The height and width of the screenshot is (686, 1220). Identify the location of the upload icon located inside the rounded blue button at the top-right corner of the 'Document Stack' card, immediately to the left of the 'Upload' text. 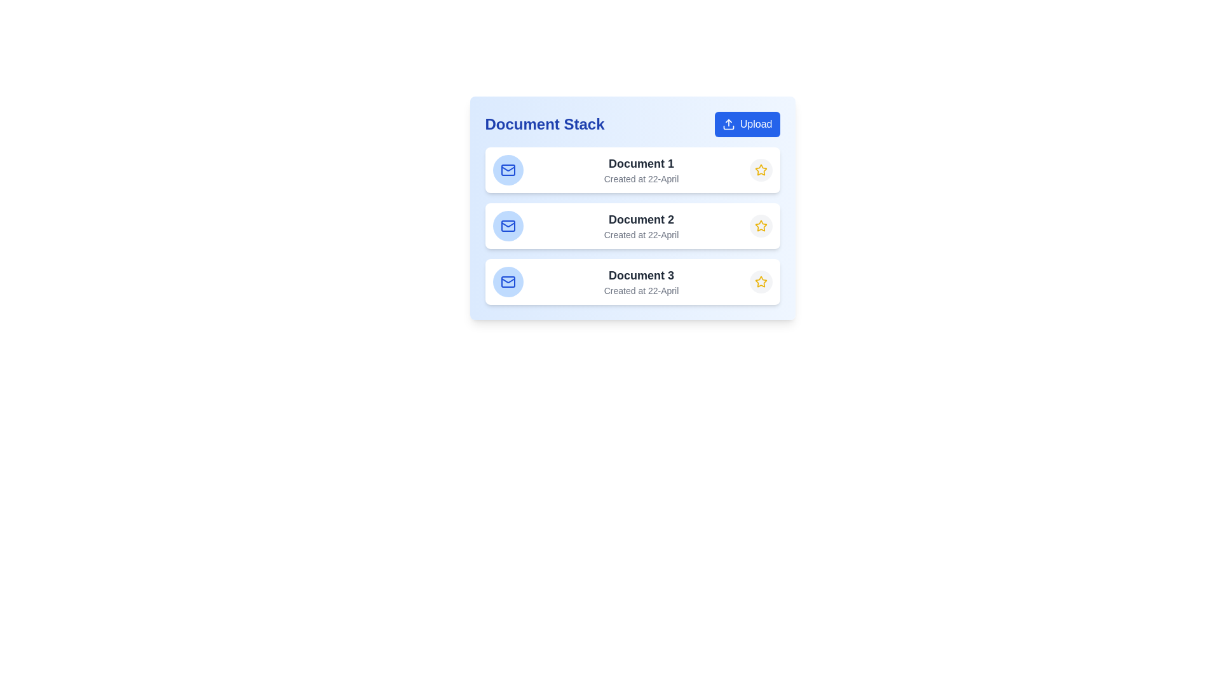
(728, 124).